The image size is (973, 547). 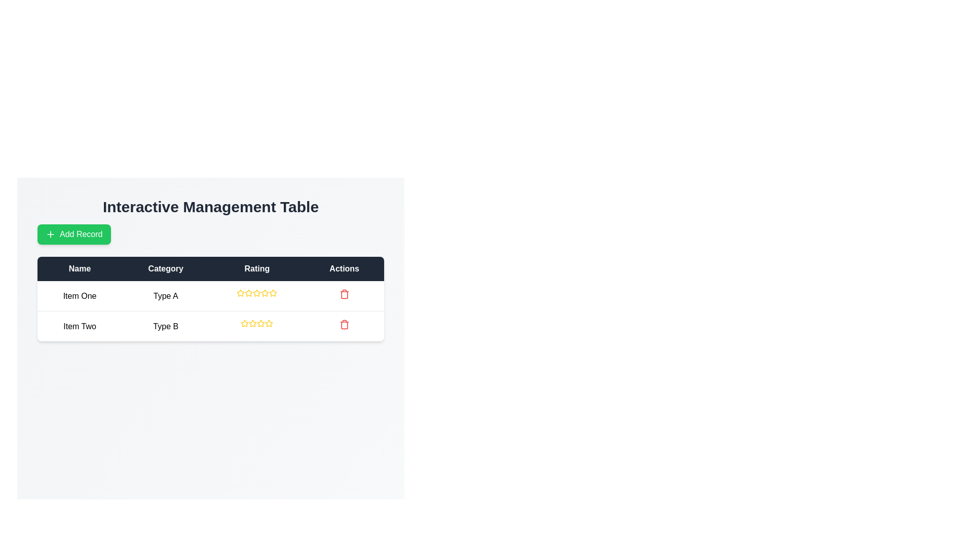 I want to click on the static text label displaying 'Item Two' located in the second row under the 'Name' column of the data table, so click(x=79, y=326).